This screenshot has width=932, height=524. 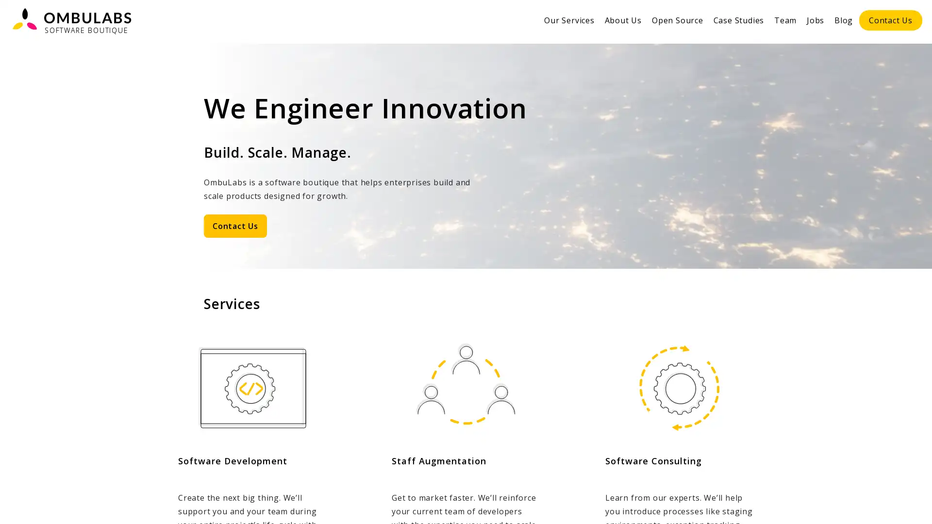 What do you see at coordinates (890, 504) in the screenshot?
I see `Accept All` at bounding box center [890, 504].